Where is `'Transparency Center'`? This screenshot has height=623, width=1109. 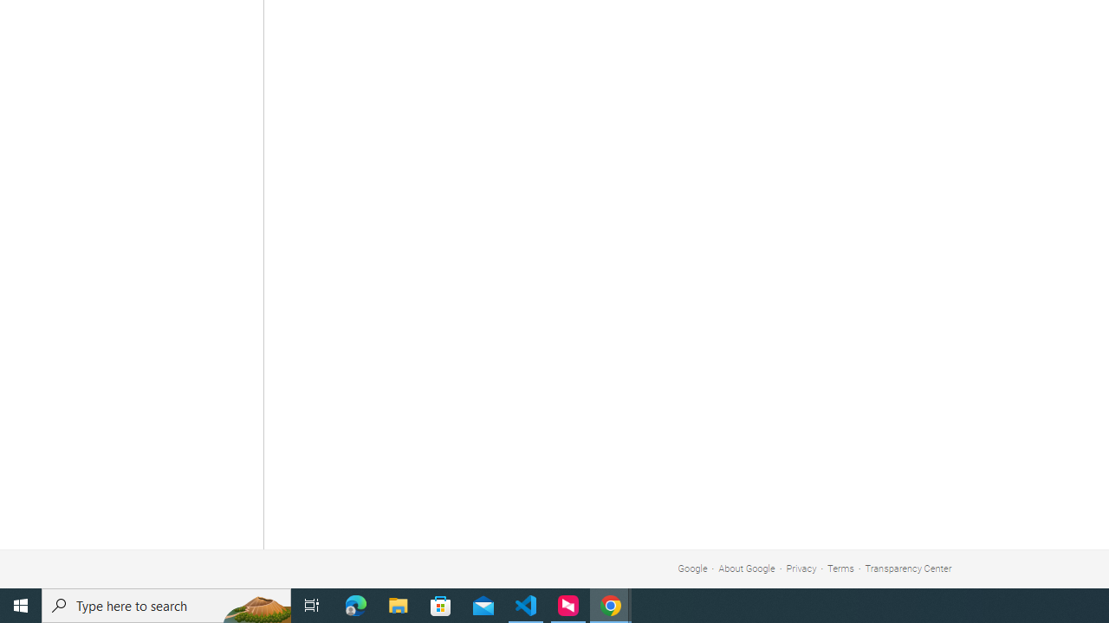
'Transparency Center' is located at coordinates (907, 568).